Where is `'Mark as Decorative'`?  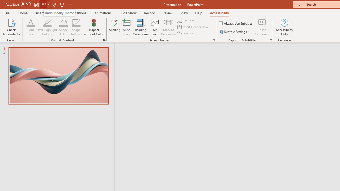 'Mark as Decorative' is located at coordinates (168, 27).